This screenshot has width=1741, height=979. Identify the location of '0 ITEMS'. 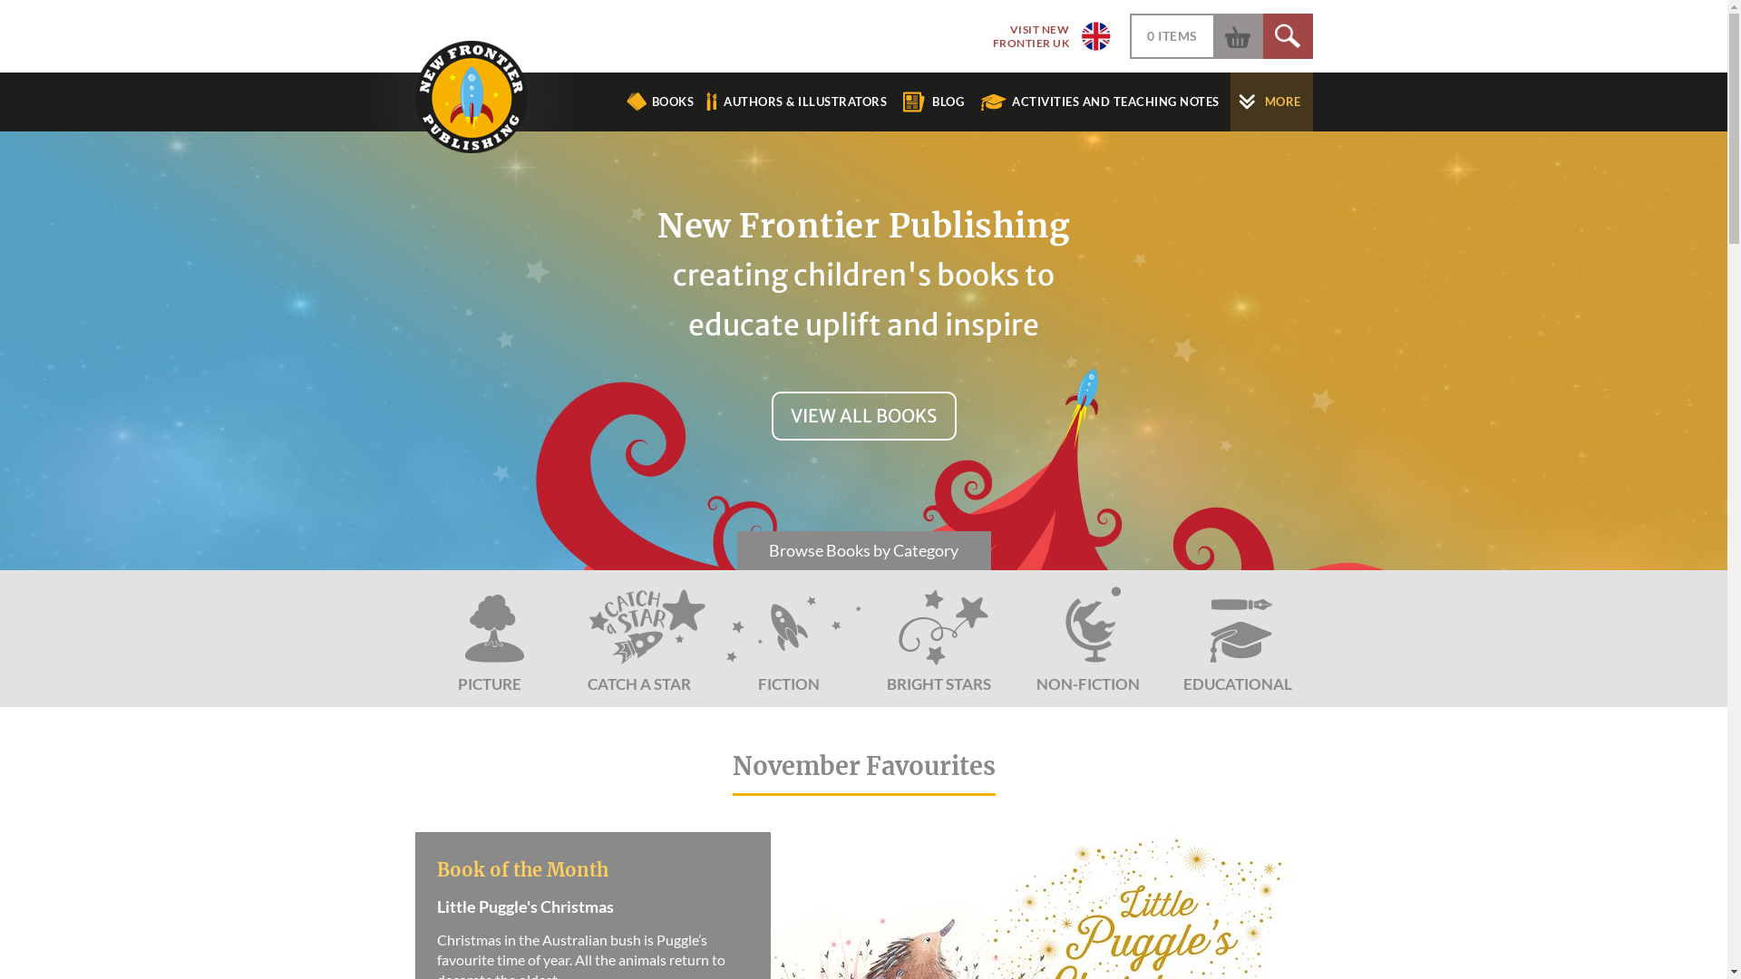
(1146, 35).